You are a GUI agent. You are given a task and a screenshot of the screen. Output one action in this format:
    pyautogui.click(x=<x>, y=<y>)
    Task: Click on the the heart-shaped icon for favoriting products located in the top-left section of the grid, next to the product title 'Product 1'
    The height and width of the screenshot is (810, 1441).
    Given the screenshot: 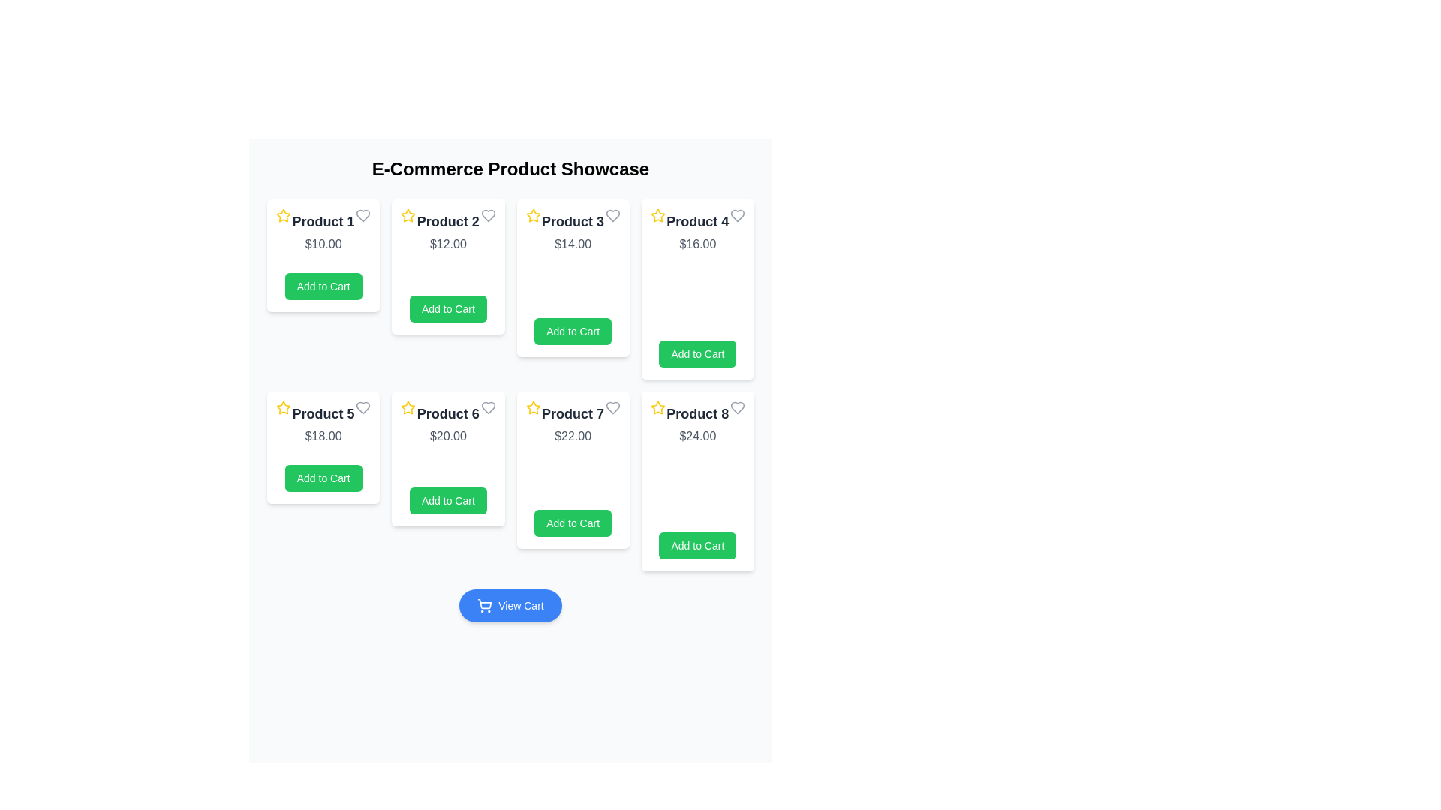 What is the action you would take?
    pyautogui.click(x=363, y=216)
    